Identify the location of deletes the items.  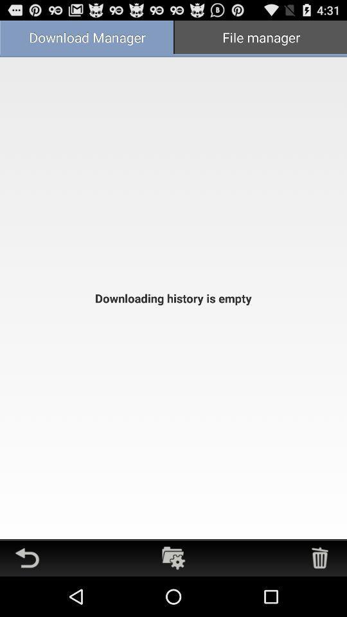
(319, 557).